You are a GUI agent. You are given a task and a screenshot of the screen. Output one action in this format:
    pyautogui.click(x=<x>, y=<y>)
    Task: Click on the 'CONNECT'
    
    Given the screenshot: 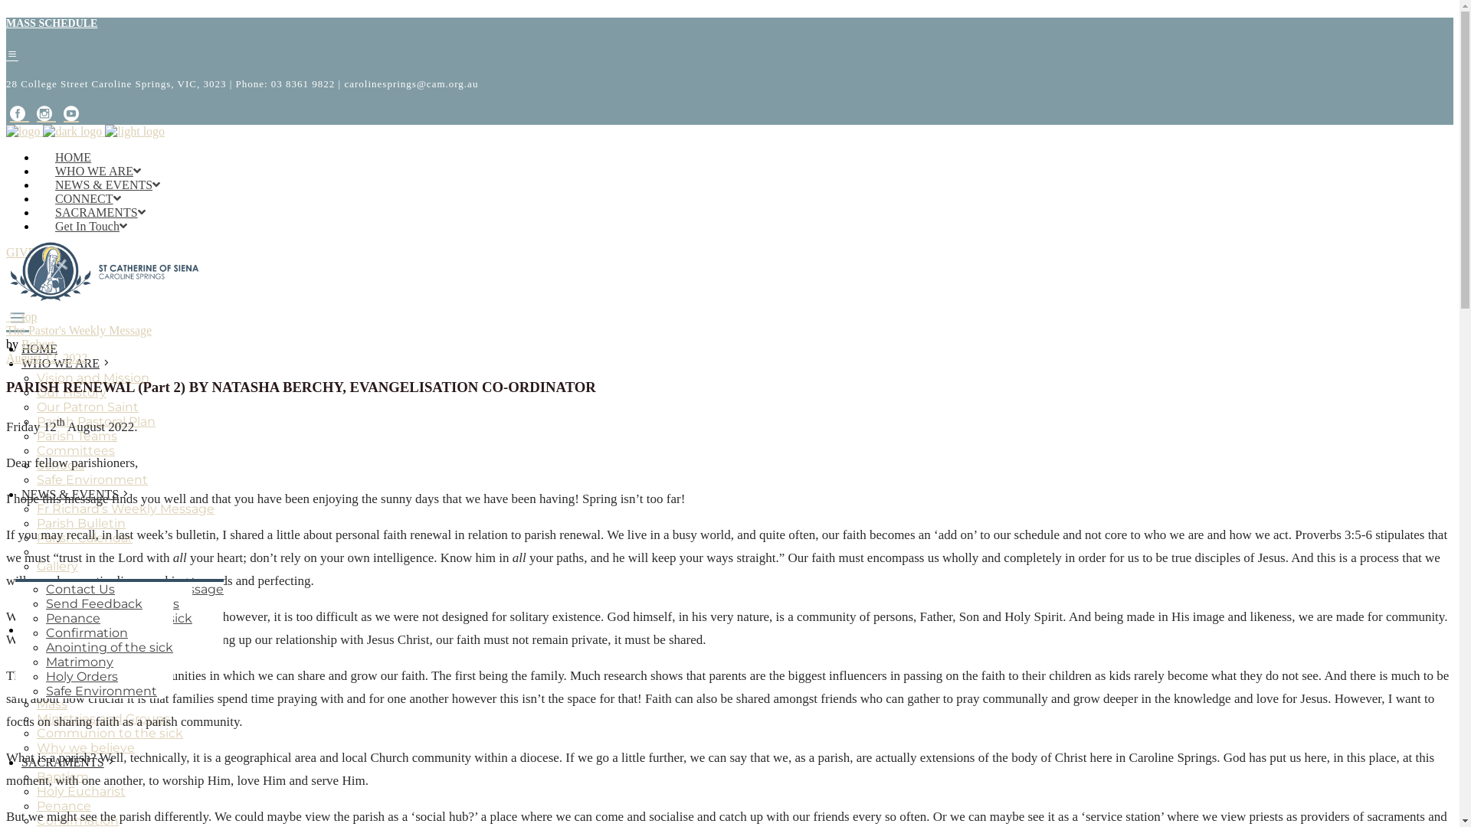 What is the action you would take?
    pyautogui.click(x=87, y=198)
    